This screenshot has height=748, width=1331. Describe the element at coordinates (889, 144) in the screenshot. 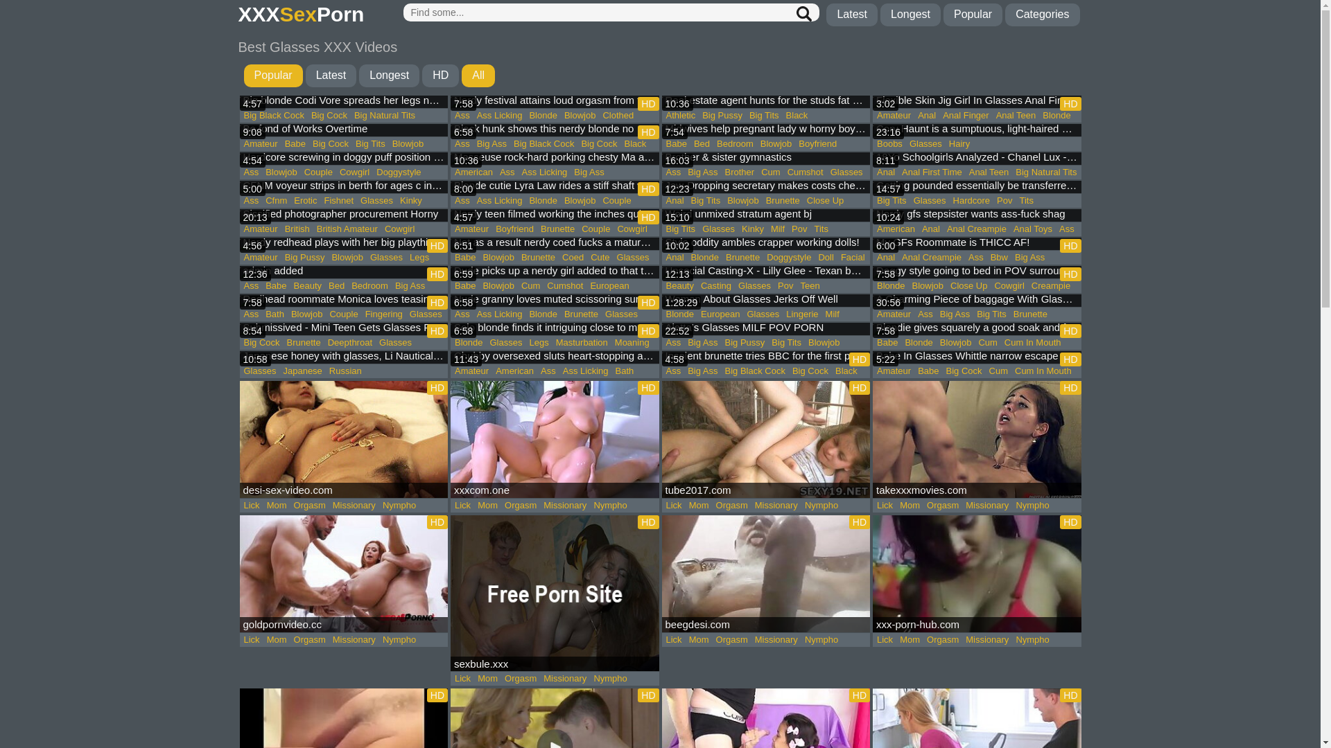

I see `'Boobs'` at that location.